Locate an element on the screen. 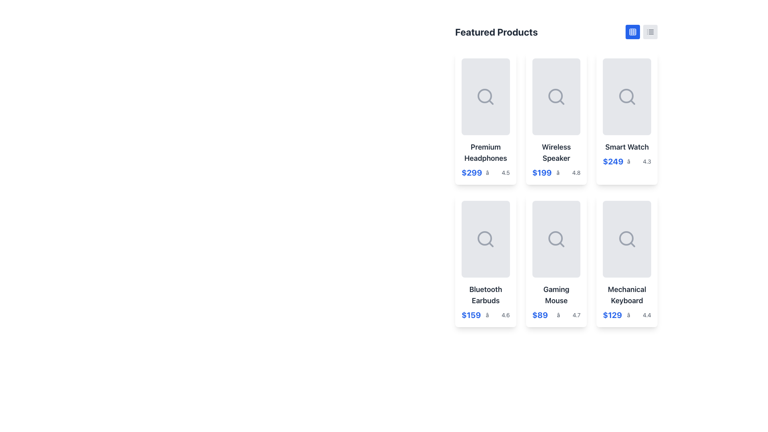  the static text label displaying the product rating for the 'Mechanical Keyboard', located beneath the price label ('$129') within the product card is located at coordinates (638, 314).